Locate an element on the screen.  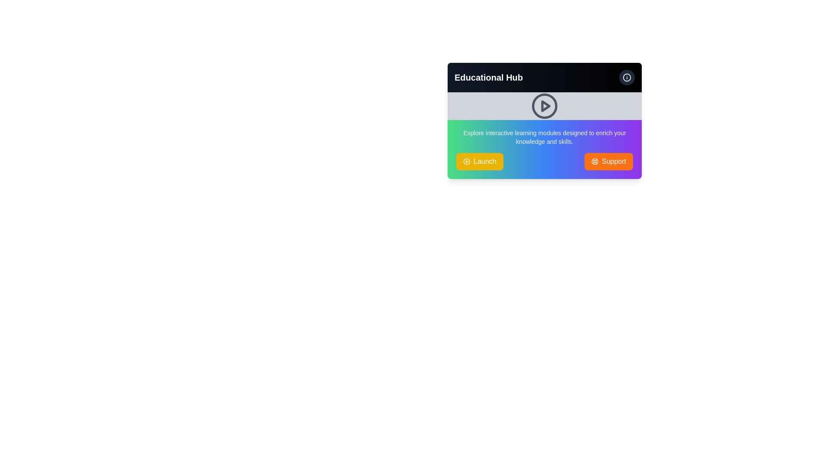
the decorative circular shape located at the center of the gray horizontal banner, which is part of the play button design is located at coordinates (544, 105).